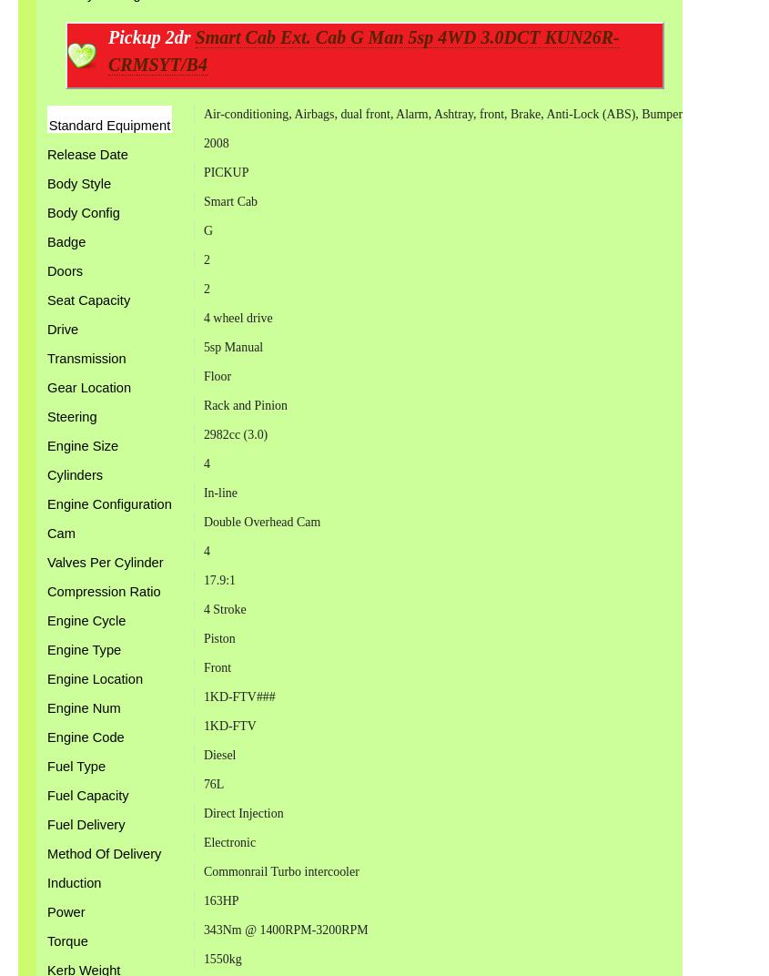  I want to click on 'Method Of Delivery', so click(104, 854).